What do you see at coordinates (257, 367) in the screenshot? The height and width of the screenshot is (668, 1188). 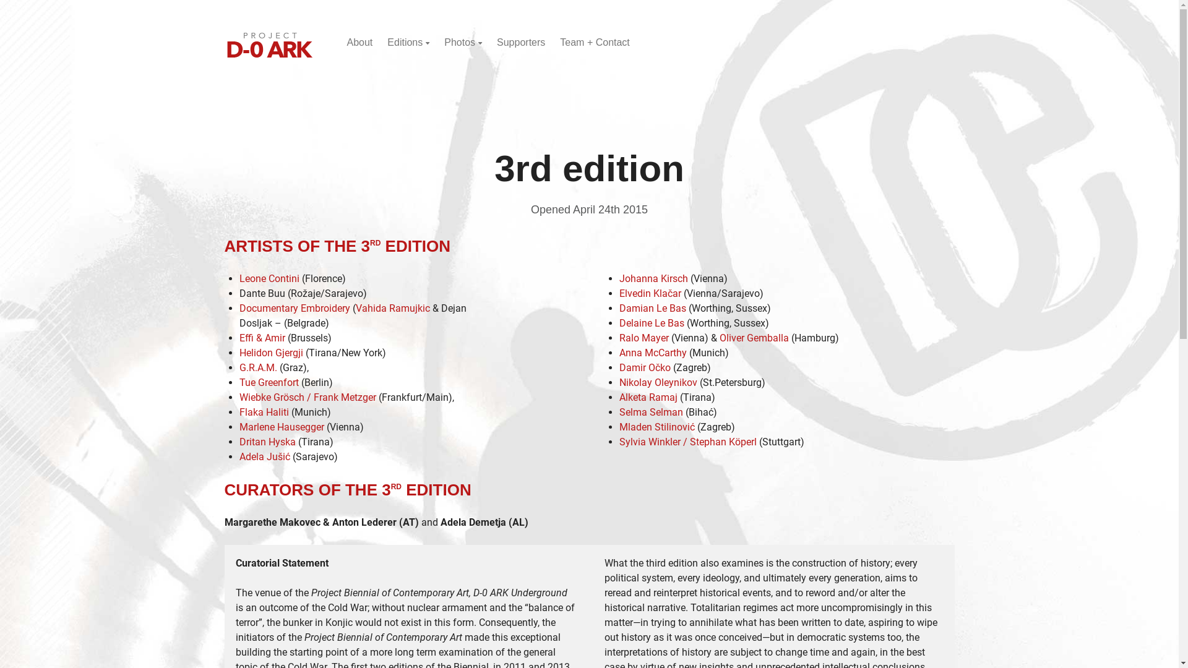 I see `'G.R.A.M.'` at bounding box center [257, 367].